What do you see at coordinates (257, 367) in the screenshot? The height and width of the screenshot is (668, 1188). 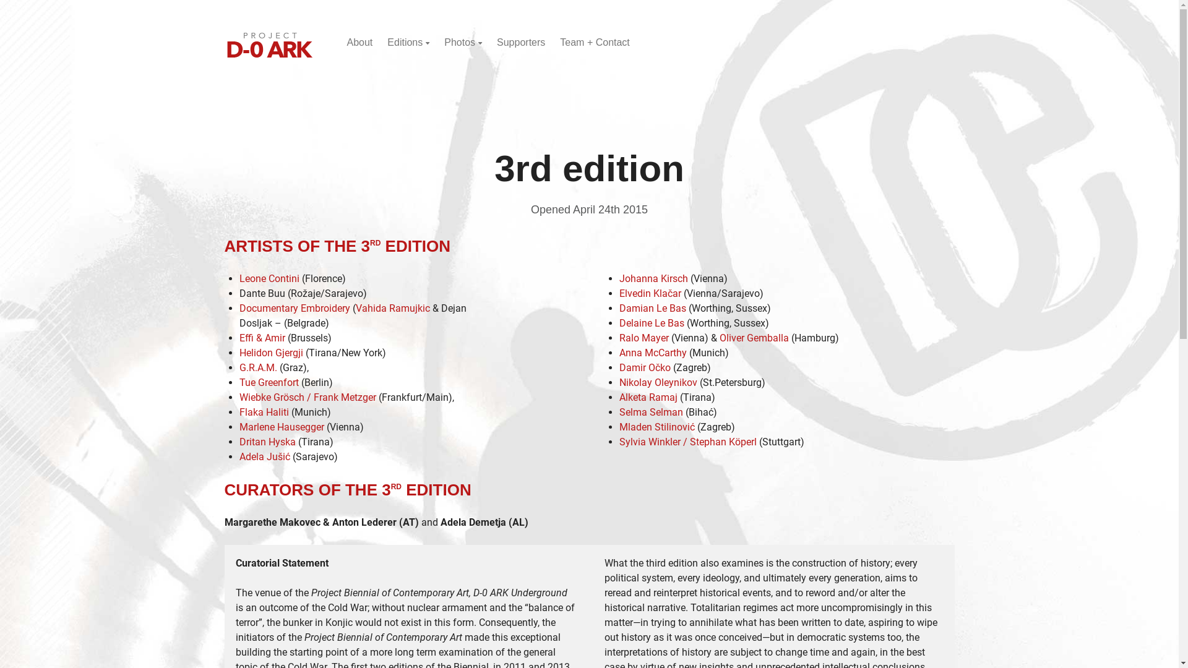 I see `'G.R.A.M.'` at bounding box center [257, 367].